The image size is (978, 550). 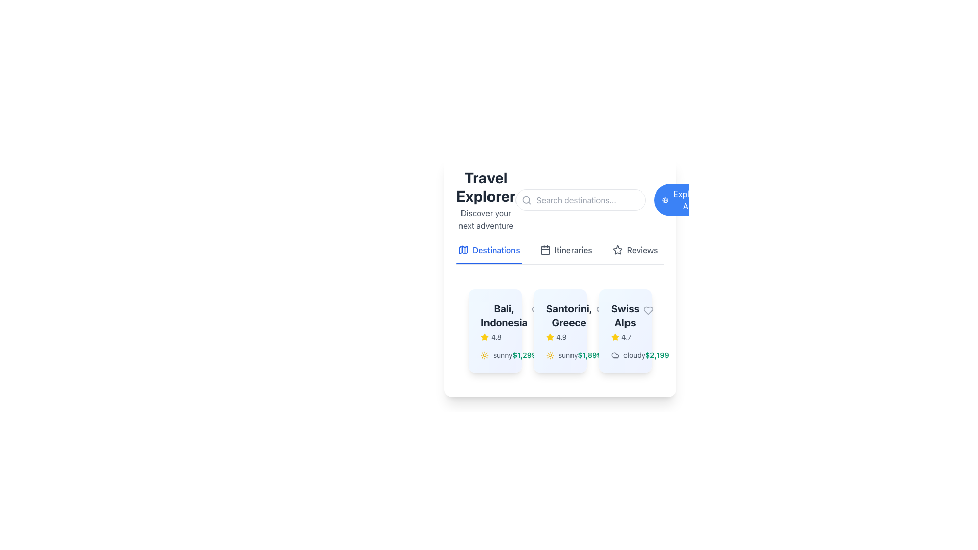 I want to click on the navigation link for reviews, which is the third item in the navigation bar beneath 'Travel Explorer', positioned between 'Itineraries' and 'Explore', so click(x=635, y=253).